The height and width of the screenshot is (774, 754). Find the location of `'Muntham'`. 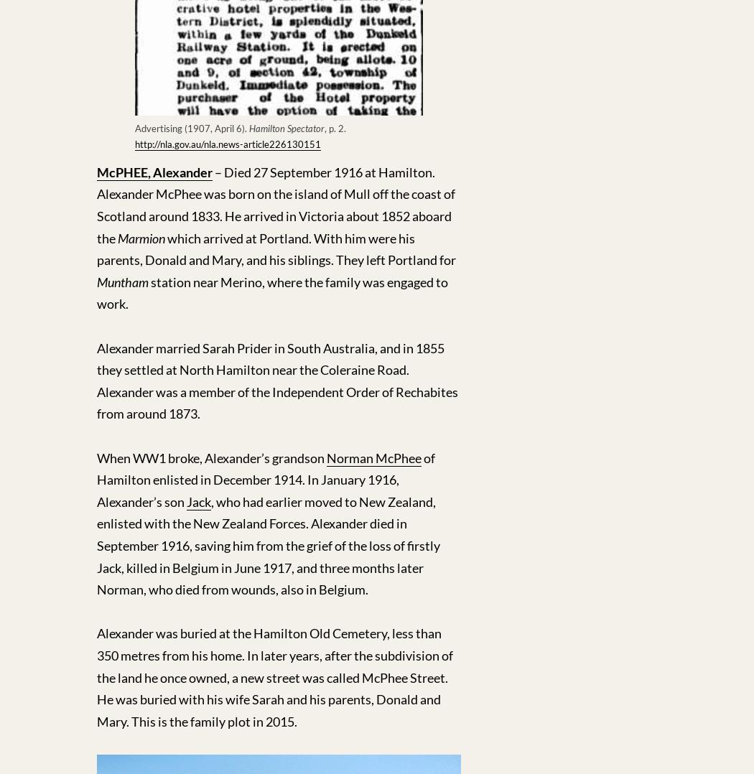

'Muntham' is located at coordinates (123, 280).